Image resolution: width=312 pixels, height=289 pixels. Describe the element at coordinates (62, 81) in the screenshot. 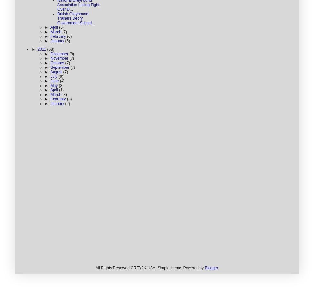

I see `'(4)'` at that location.